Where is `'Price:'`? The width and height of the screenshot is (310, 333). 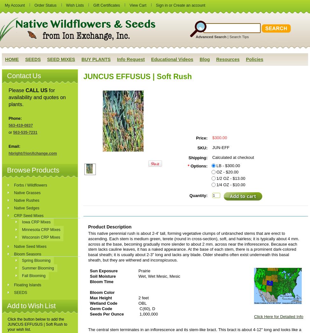
'Price:' is located at coordinates (201, 138).